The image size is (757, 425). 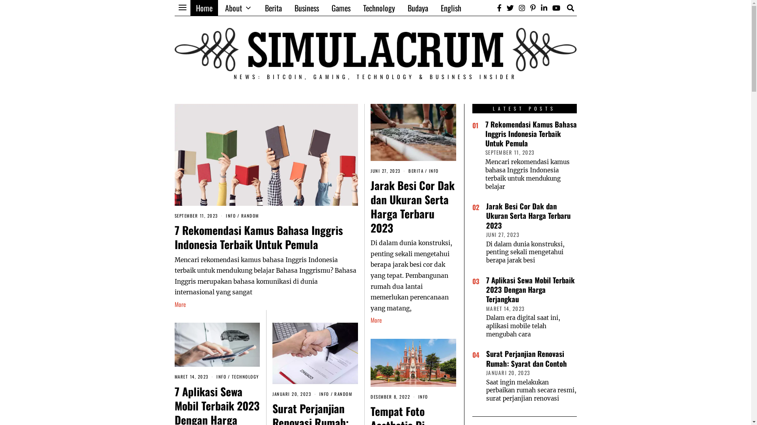 I want to click on 'Twitter', so click(x=505, y=7).